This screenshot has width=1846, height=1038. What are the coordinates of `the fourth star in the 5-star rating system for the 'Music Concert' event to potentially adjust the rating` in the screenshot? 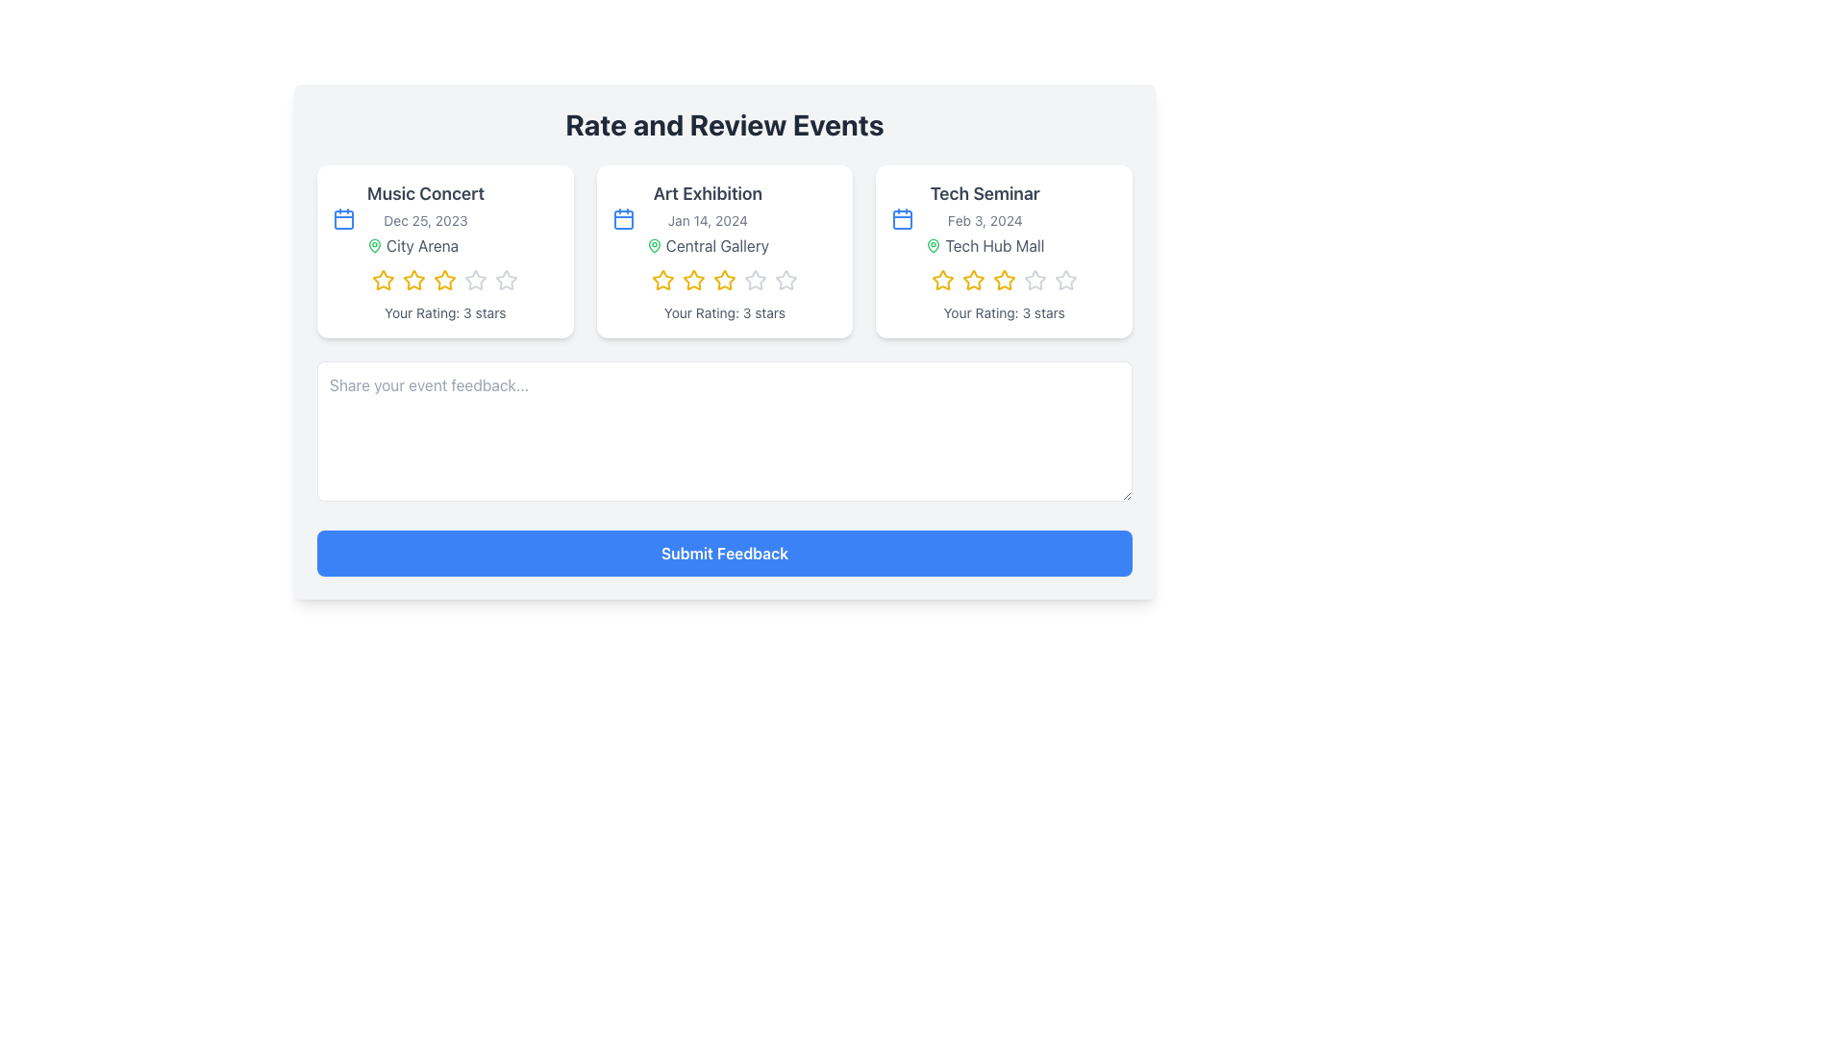 It's located at (476, 280).